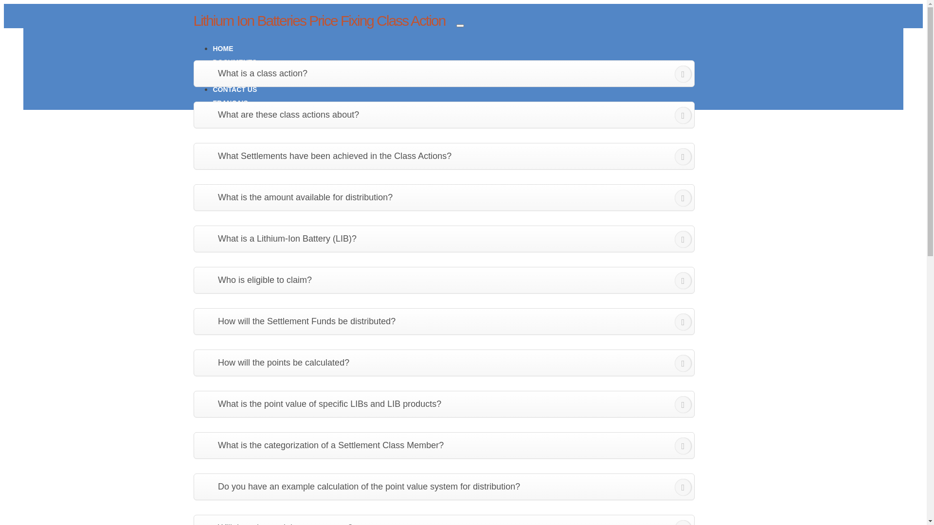 This screenshot has height=525, width=934. I want to click on 'CONTACT US', so click(235, 89).